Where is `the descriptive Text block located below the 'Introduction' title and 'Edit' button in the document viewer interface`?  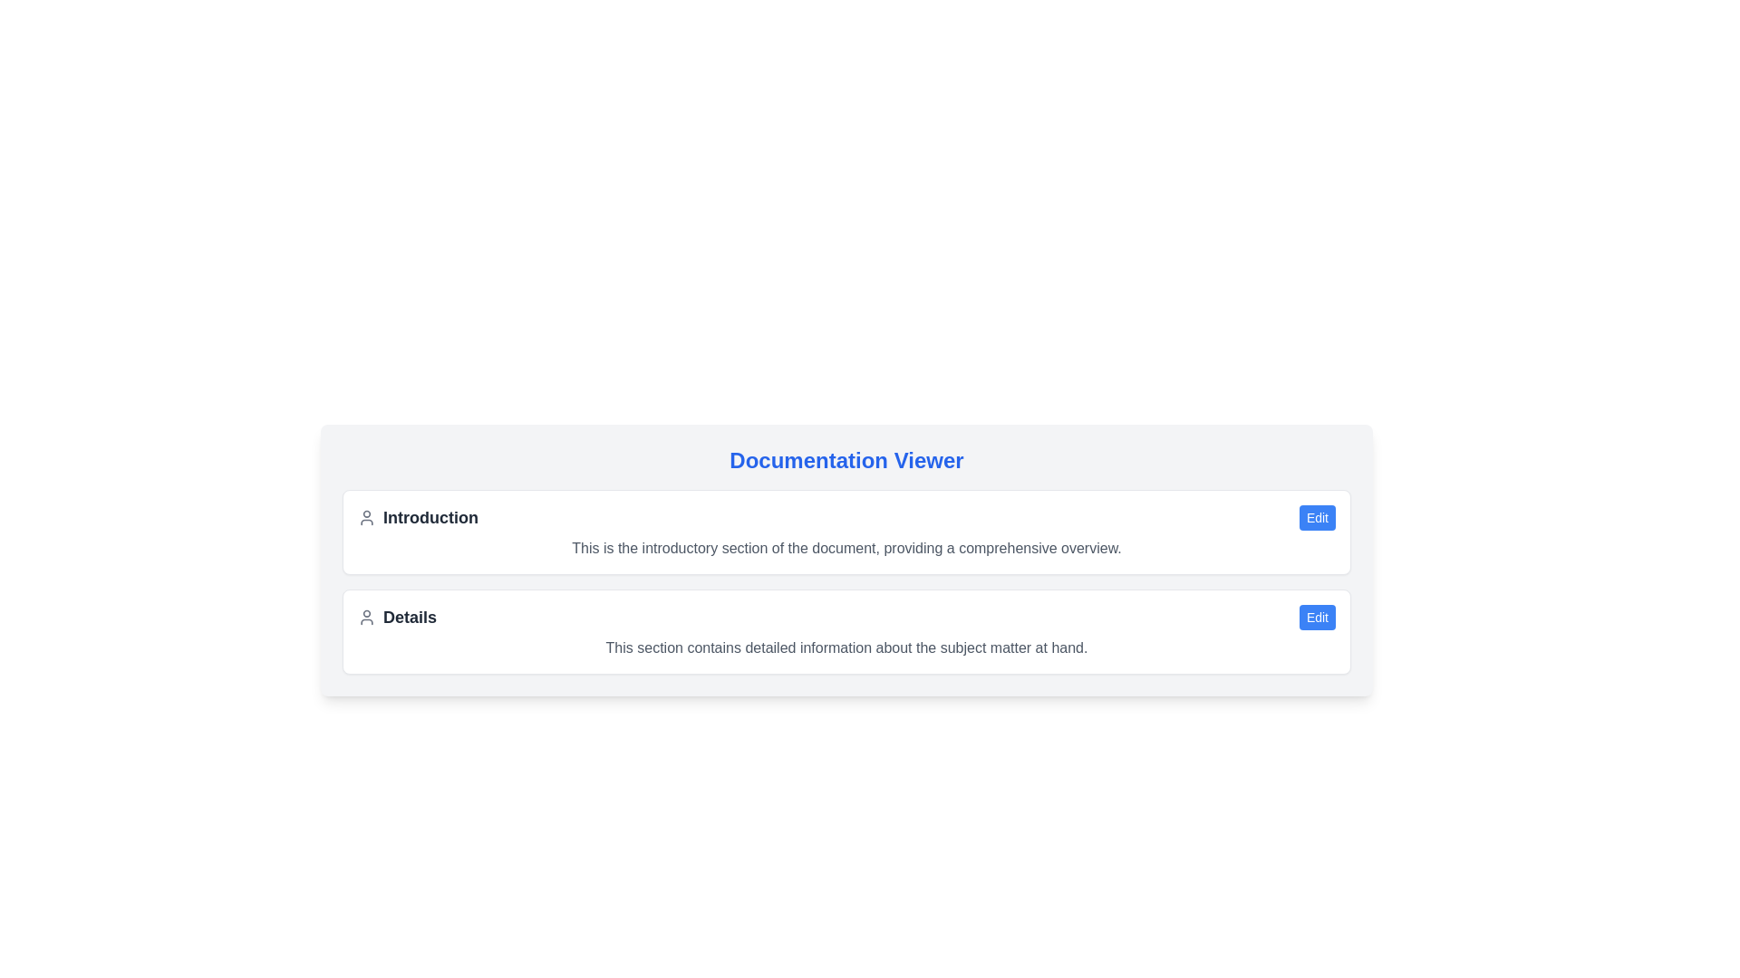 the descriptive Text block located below the 'Introduction' title and 'Edit' button in the document viewer interface is located at coordinates (846, 547).